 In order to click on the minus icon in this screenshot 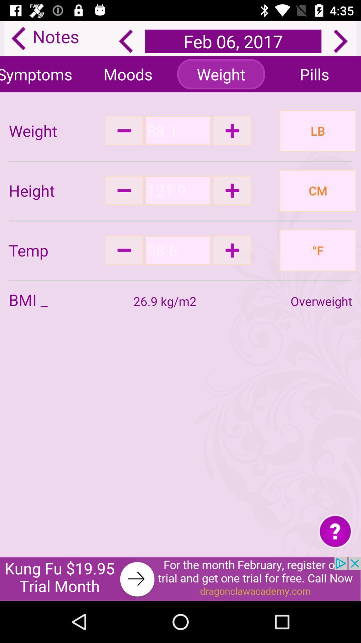, I will do `click(124, 190)`.